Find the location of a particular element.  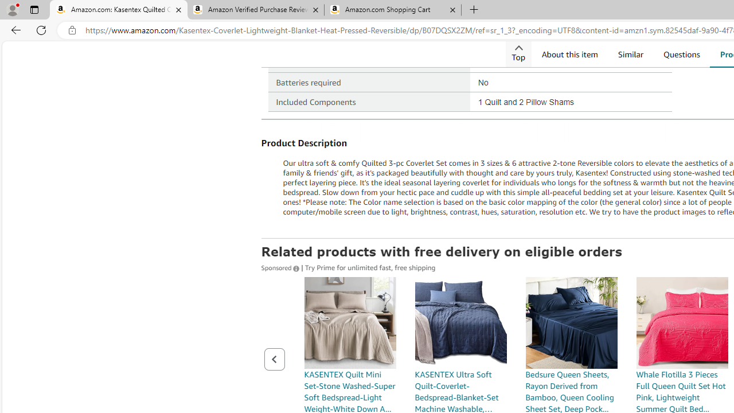

'Amazon.com Shopping Cart' is located at coordinates (392, 10).